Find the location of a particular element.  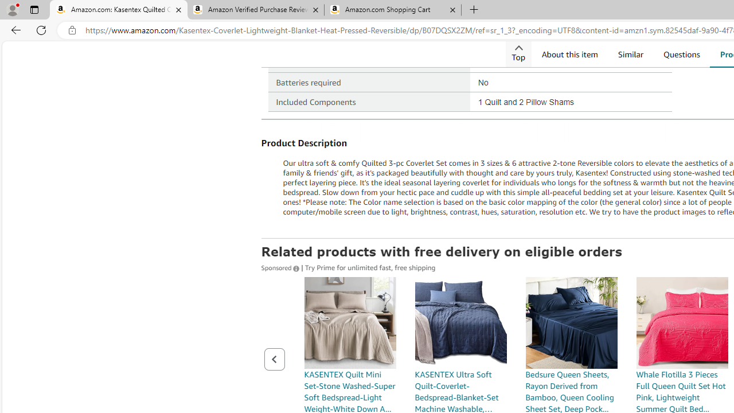

'Amazon.com Shopping Cart' is located at coordinates (392, 10).